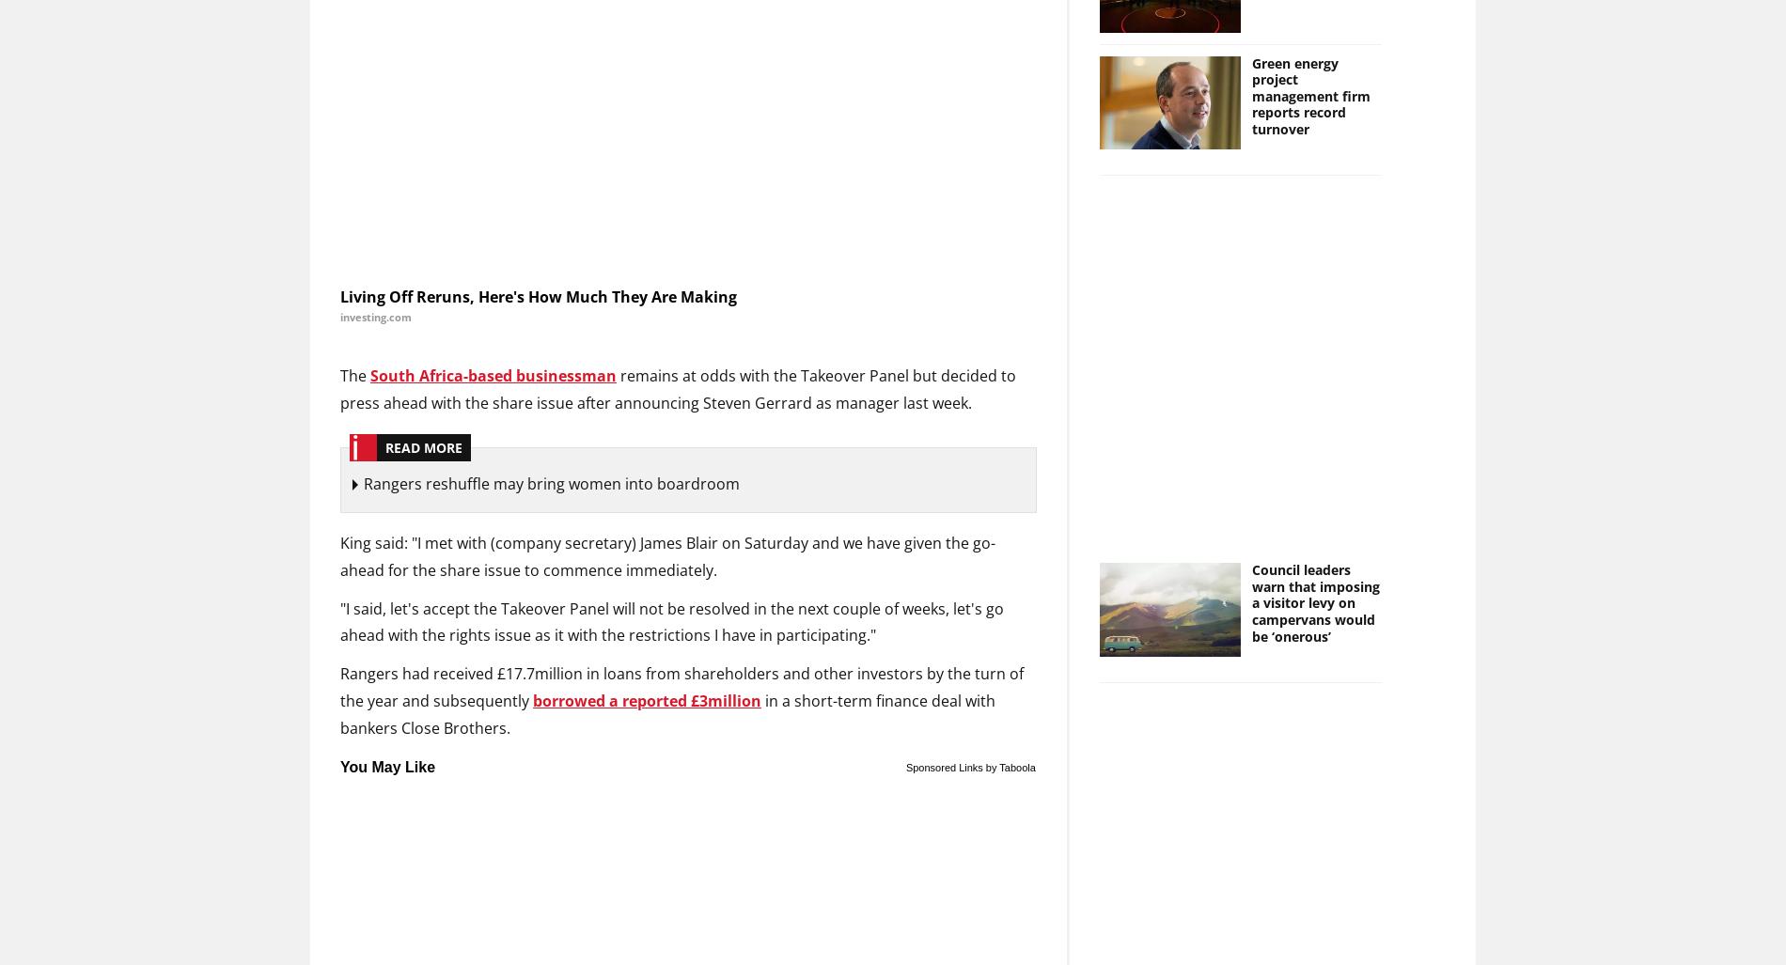  I want to click on 'in a short-term finance deal with bankers Close Brothers.', so click(338, 712).